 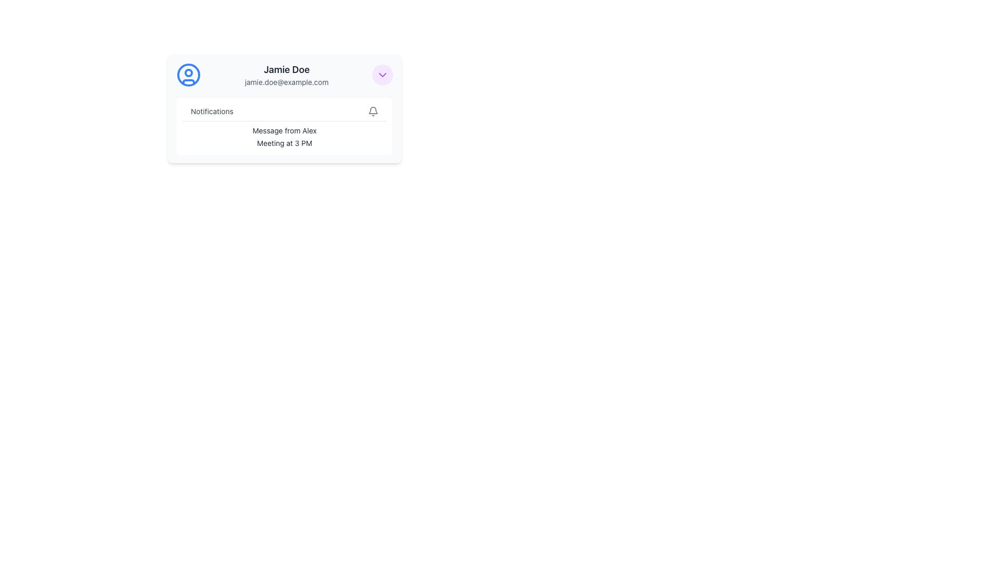 I want to click on the notifications section of the composite informational card displaying user information, which is located in the upper left quadrant of the interface, so click(x=285, y=108).